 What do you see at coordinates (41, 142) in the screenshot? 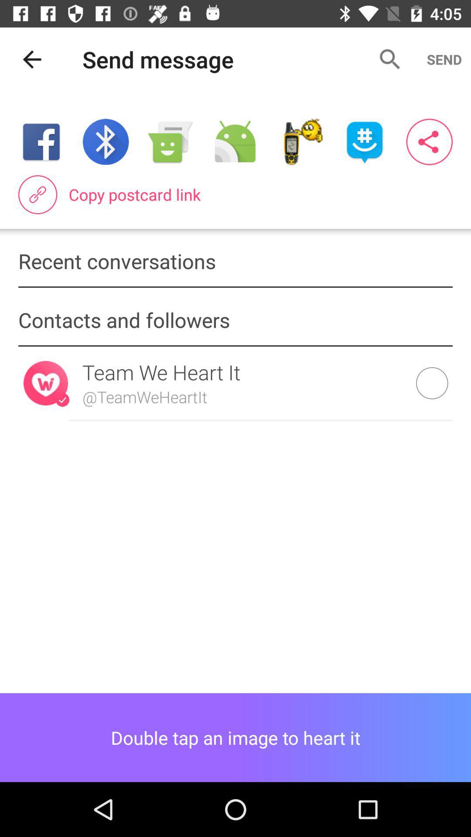
I see `facebook` at bounding box center [41, 142].